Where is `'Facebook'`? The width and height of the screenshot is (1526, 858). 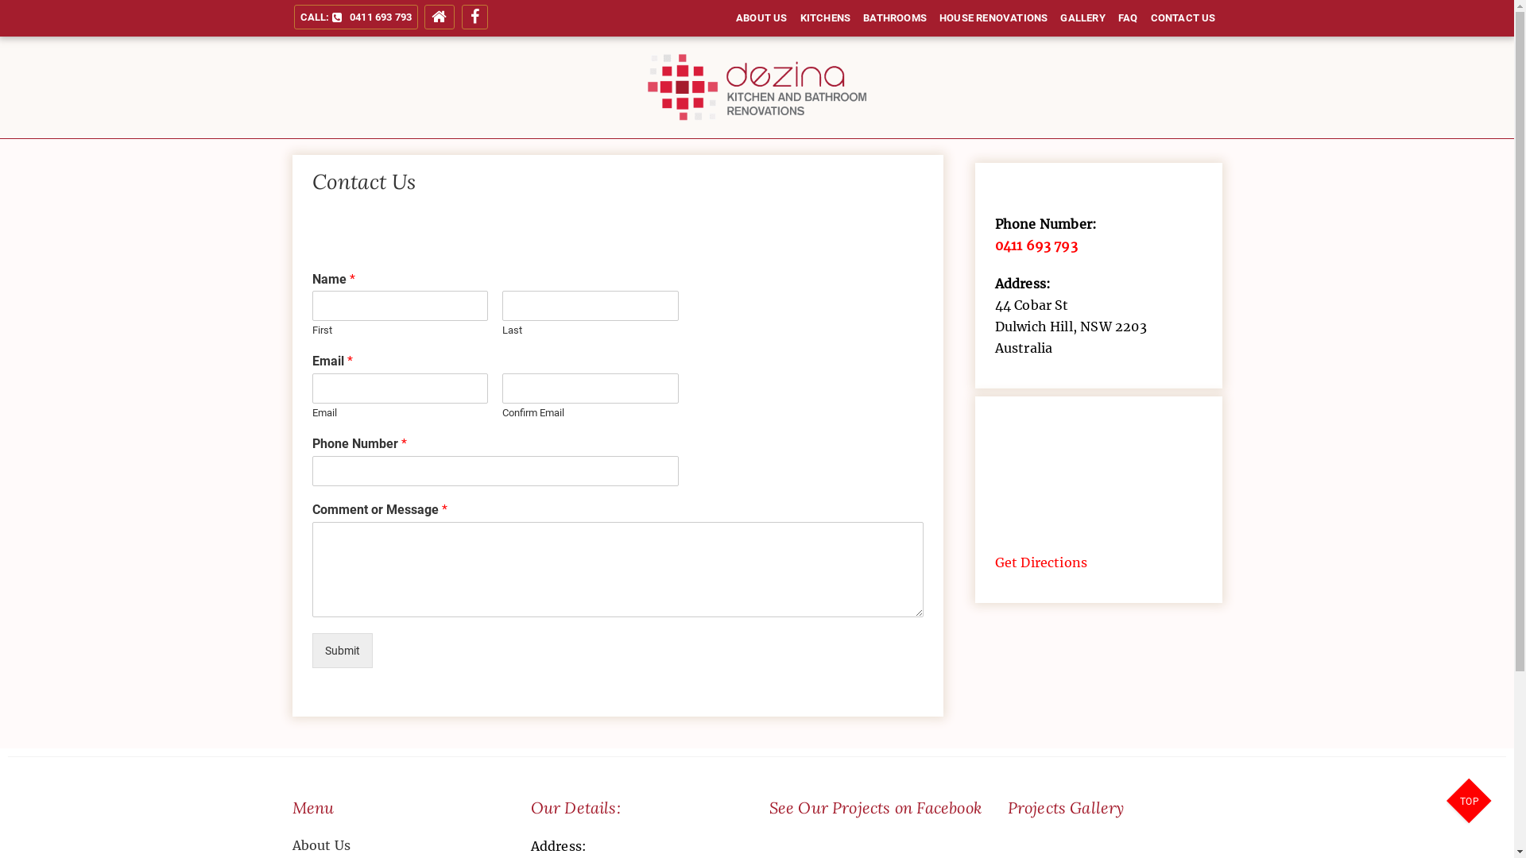
'Facebook' is located at coordinates (474, 17).